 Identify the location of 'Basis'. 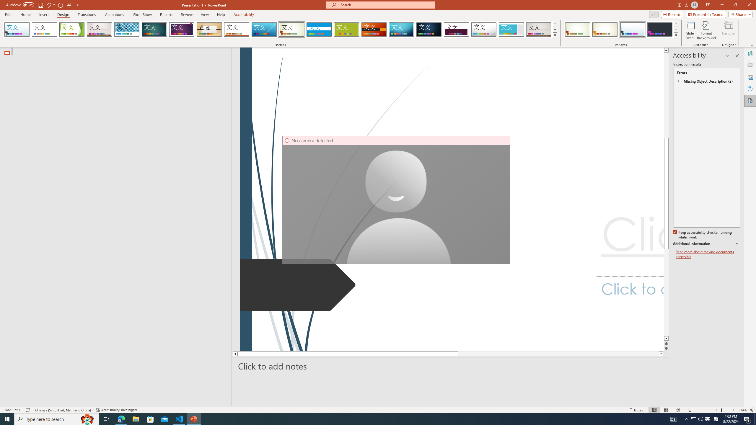
(346, 29).